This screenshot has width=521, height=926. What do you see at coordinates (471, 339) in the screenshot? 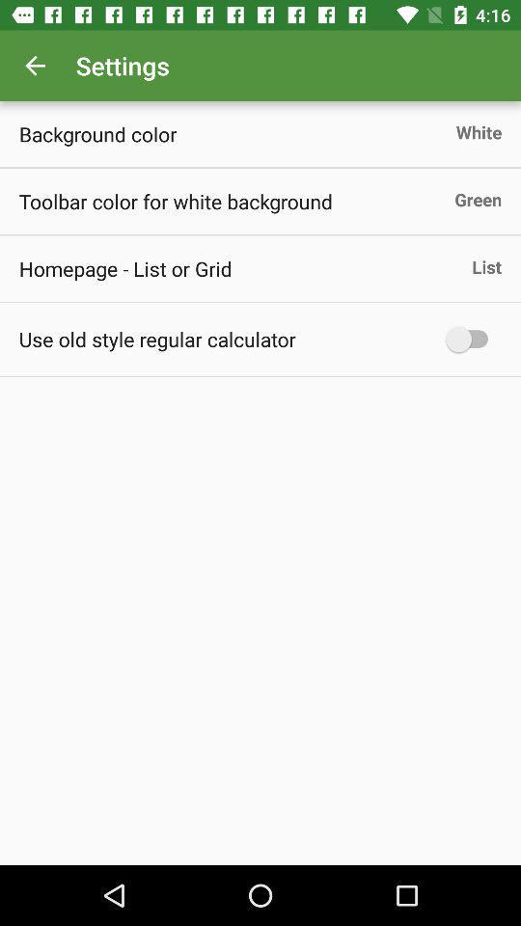
I see `the item on the right` at bounding box center [471, 339].